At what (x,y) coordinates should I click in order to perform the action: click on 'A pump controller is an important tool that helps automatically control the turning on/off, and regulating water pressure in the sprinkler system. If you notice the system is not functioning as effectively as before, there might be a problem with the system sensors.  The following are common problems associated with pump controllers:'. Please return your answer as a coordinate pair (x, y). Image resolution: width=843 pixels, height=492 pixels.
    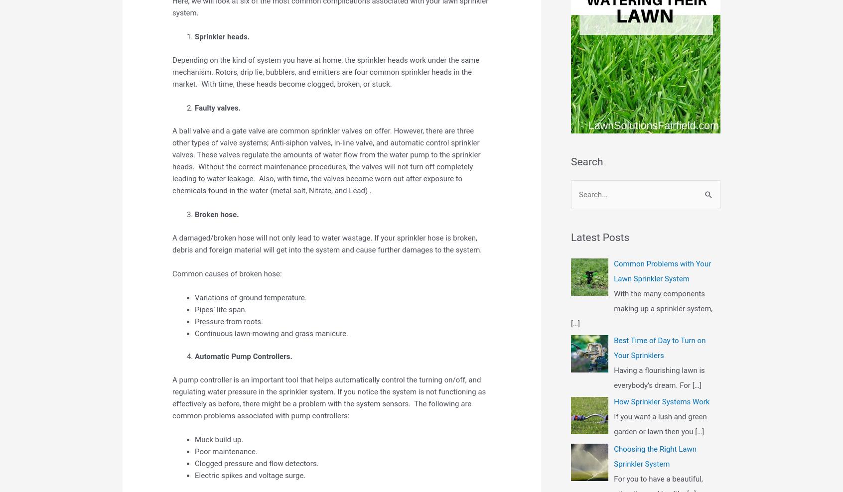
    Looking at the image, I should click on (329, 397).